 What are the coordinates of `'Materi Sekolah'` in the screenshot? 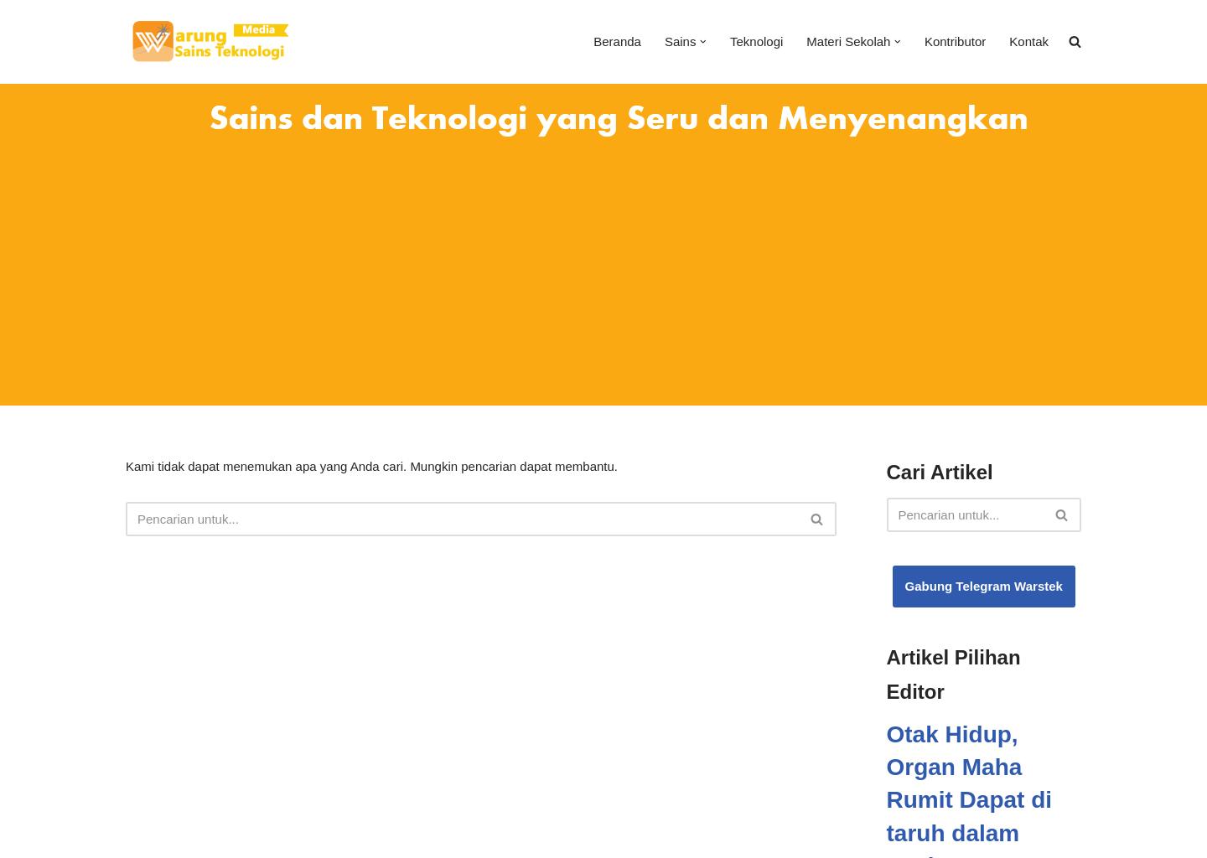 It's located at (847, 40).